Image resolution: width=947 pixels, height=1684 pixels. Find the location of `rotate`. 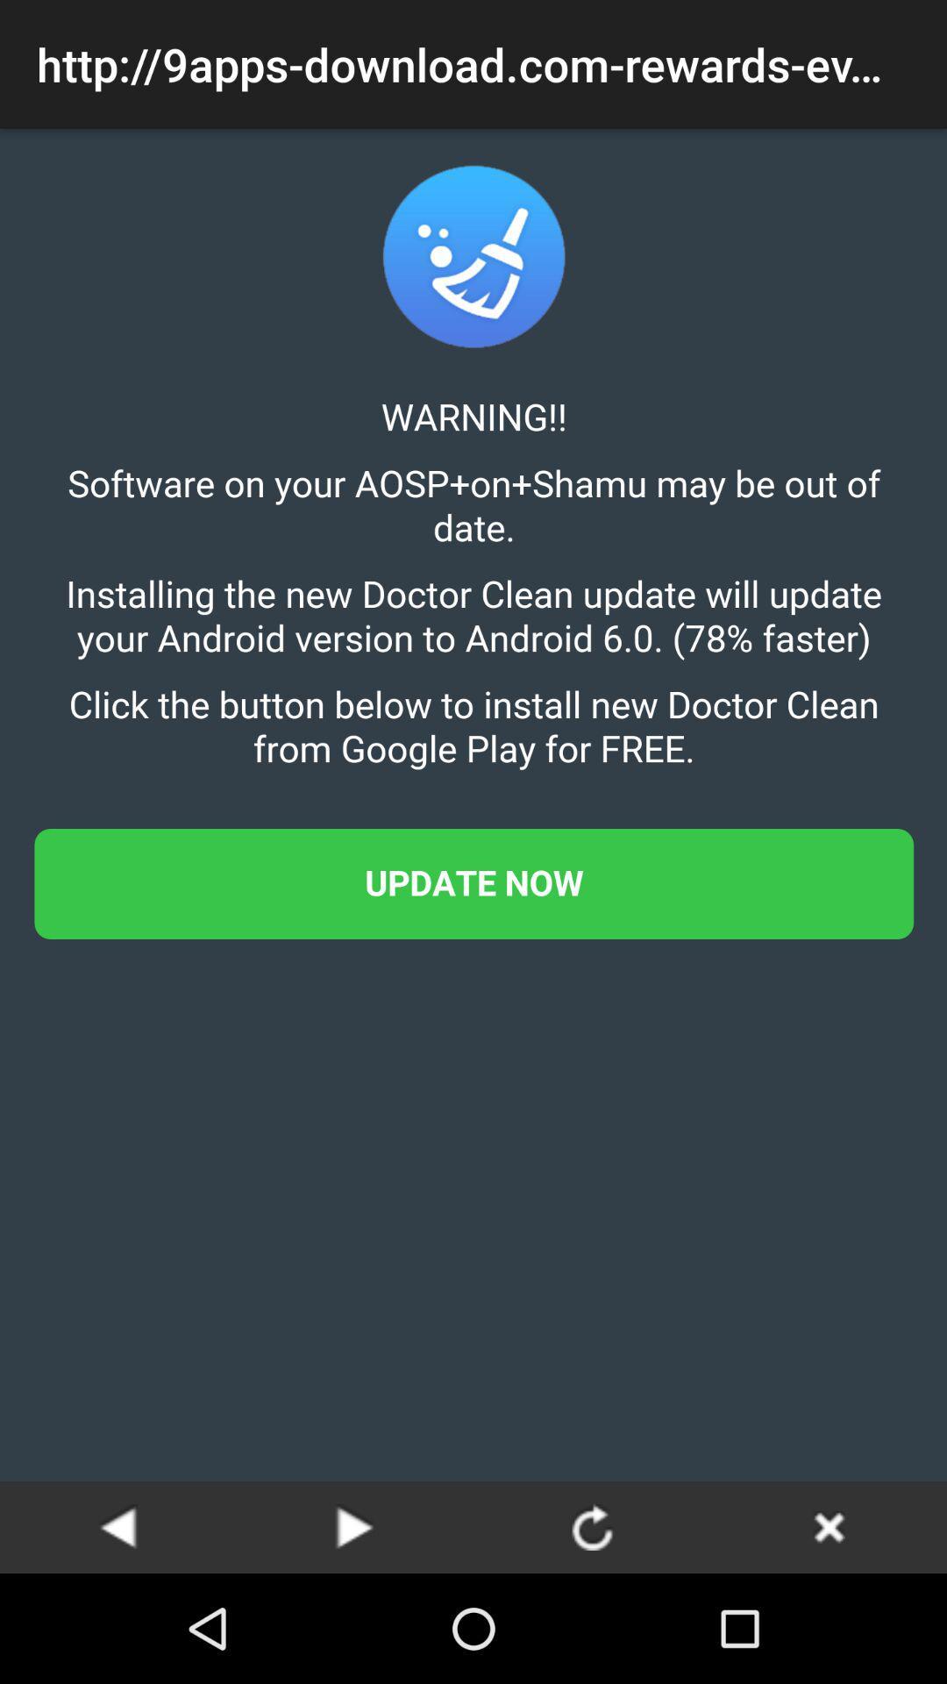

rotate is located at coordinates (592, 1526).